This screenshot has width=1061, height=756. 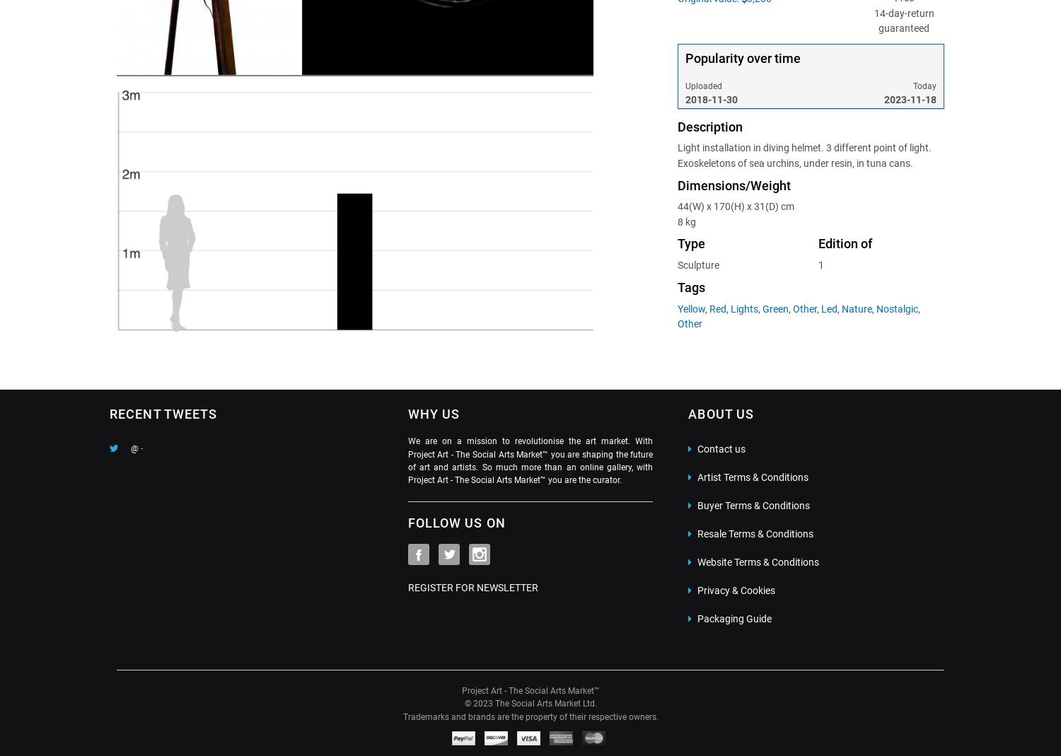 What do you see at coordinates (707, 308) in the screenshot?
I see `'Red'` at bounding box center [707, 308].